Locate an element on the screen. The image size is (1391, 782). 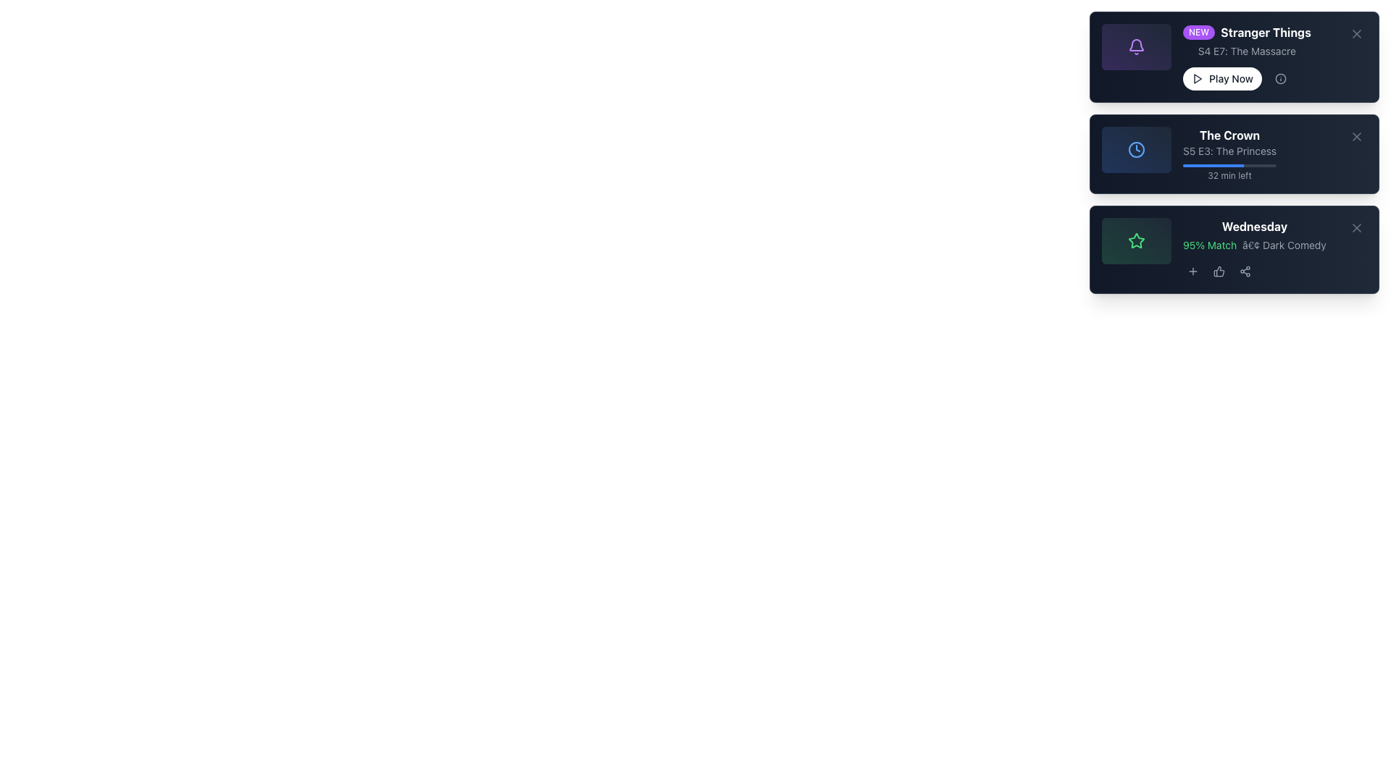
the circular gray button icon with a share-related vector graphic located in the bottom information card under the show 'Wednesday' is located at coordinates (1244, 271).